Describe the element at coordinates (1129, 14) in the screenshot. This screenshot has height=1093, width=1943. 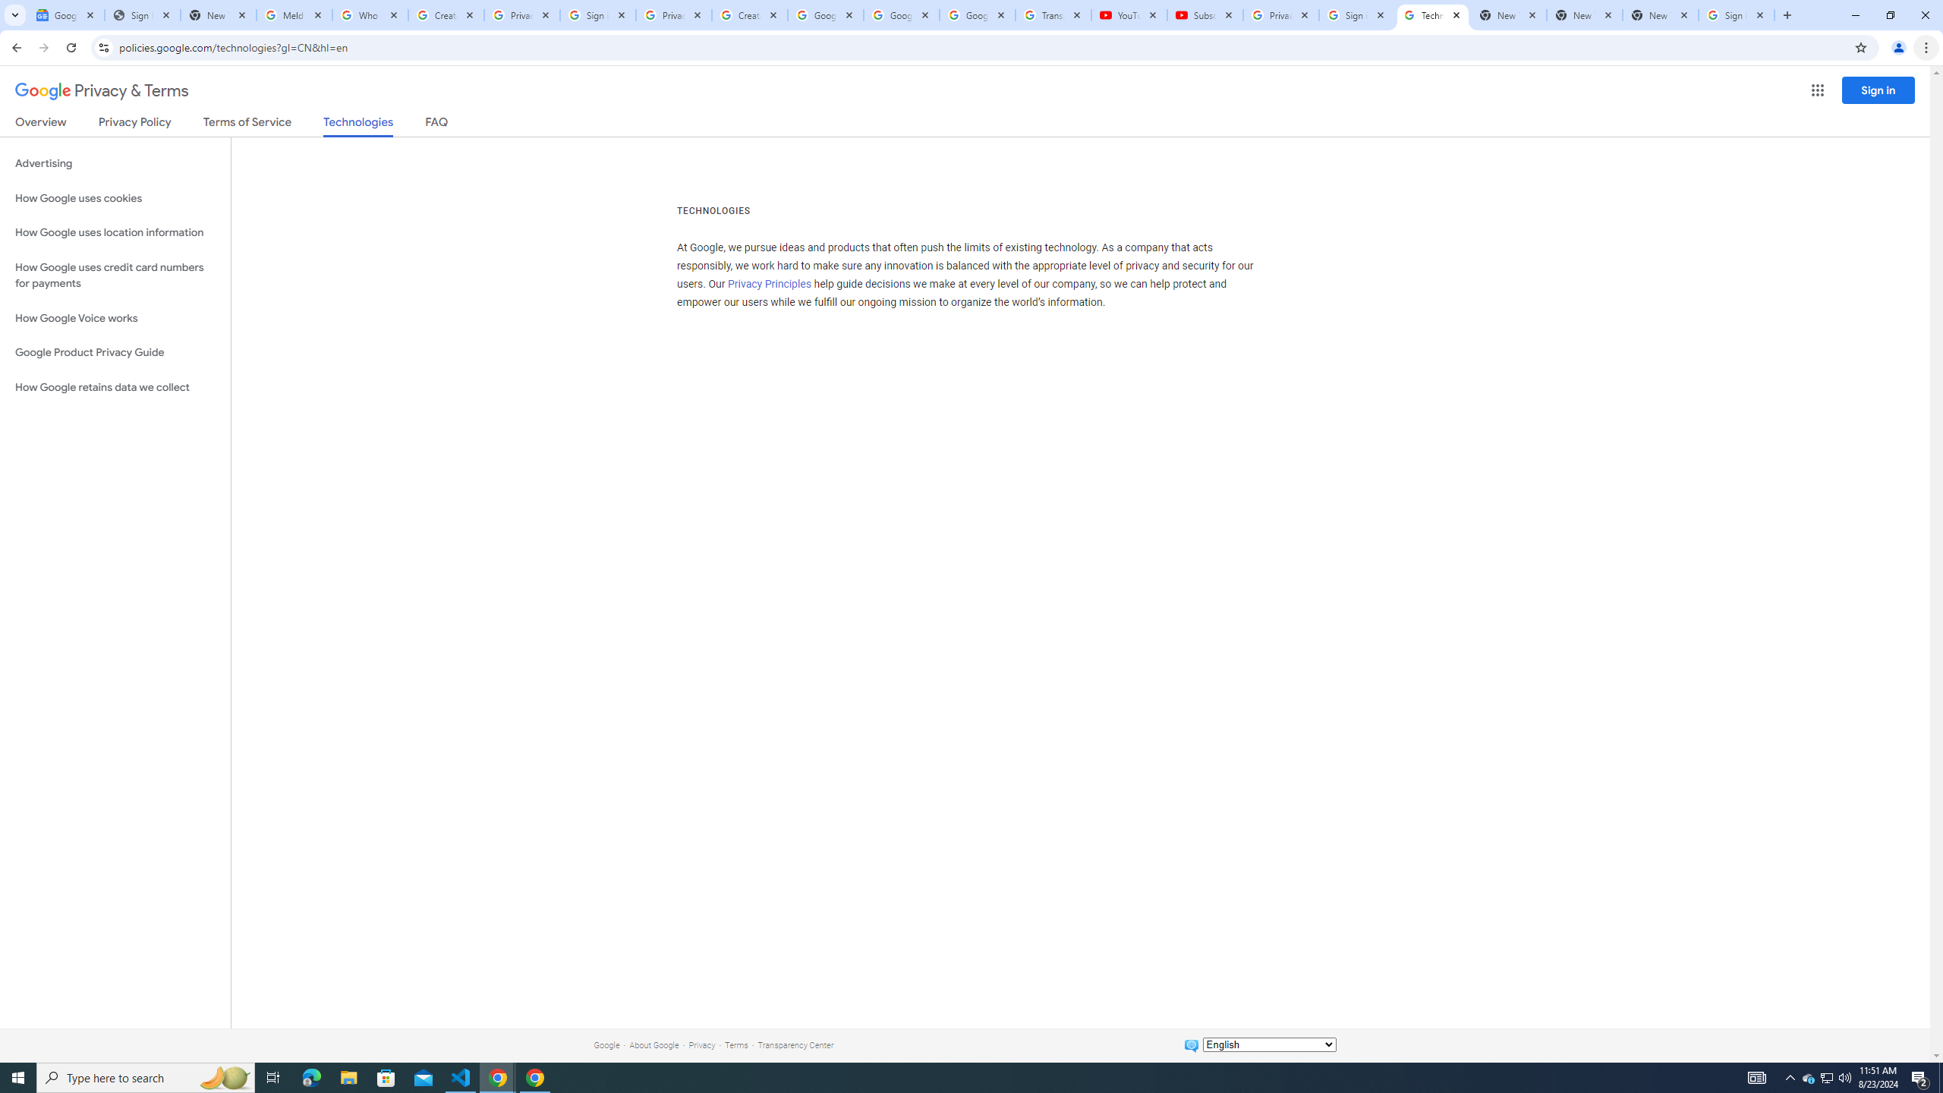
I see `'YouTube'` at that location.